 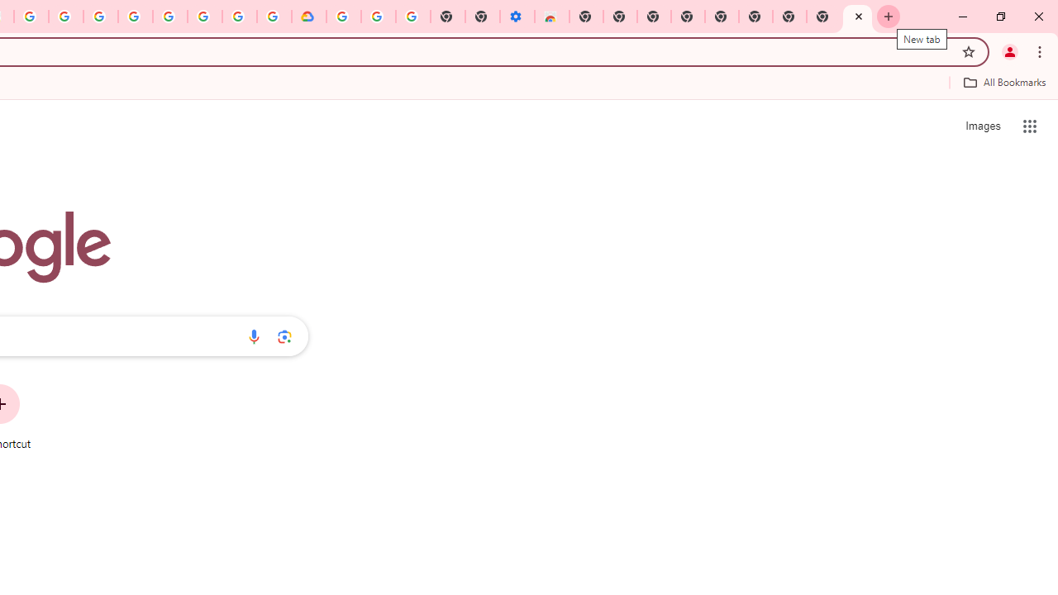 I want to click on 'Chrome Web Store - Accessibility extensions', so click(x=551, y=17).